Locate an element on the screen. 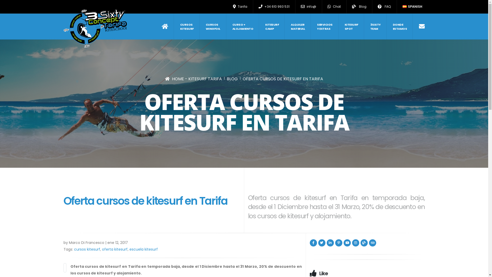 The height and width of the screenshot is (277, 492). 'Blog' is located at coordinates (360, 243).